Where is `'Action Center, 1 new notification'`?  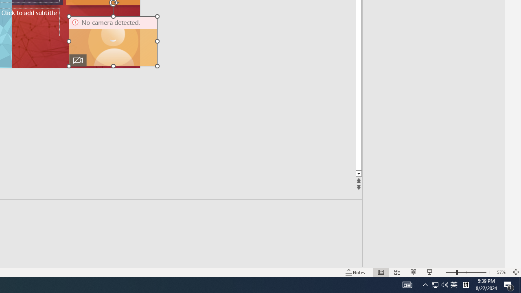
'Action Center, 1 new notification' is located at coordinates (509, 284).